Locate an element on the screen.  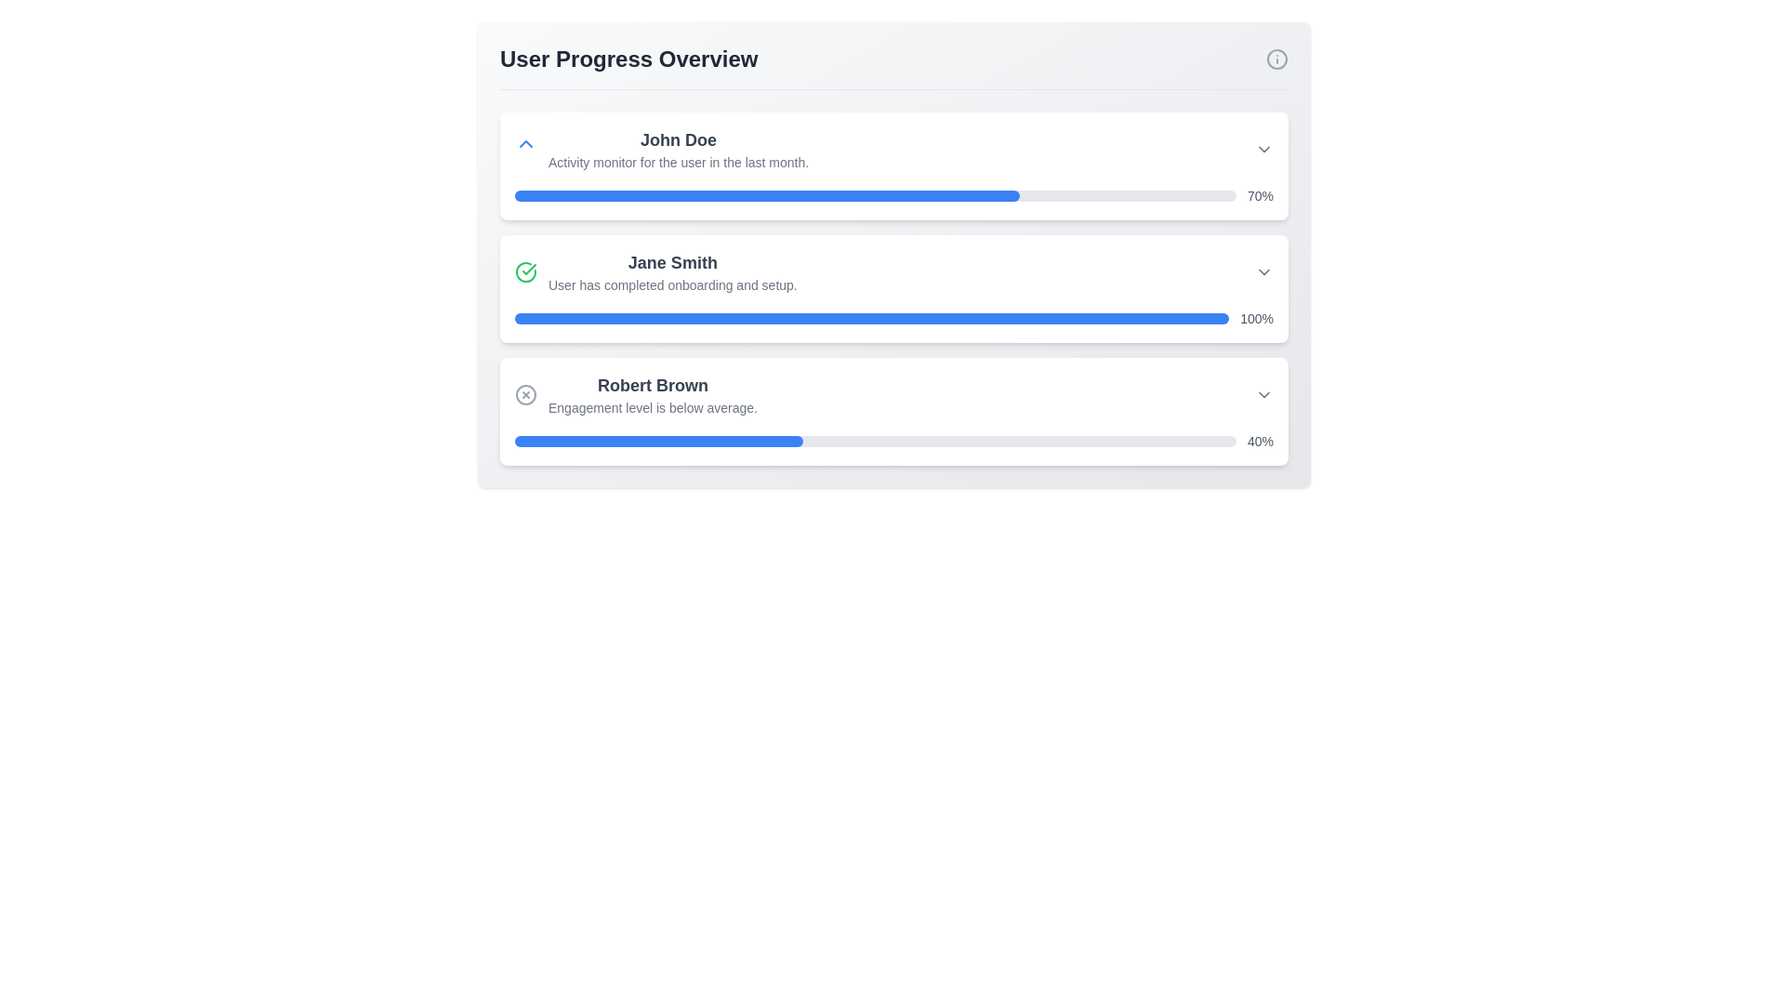
the decorative circle element that serves as the outer boundary of the 'X' icon indicating an error or warning in the 'Robert Brown' section of the User Progress Overview interface is located at coordinates (525, 393).